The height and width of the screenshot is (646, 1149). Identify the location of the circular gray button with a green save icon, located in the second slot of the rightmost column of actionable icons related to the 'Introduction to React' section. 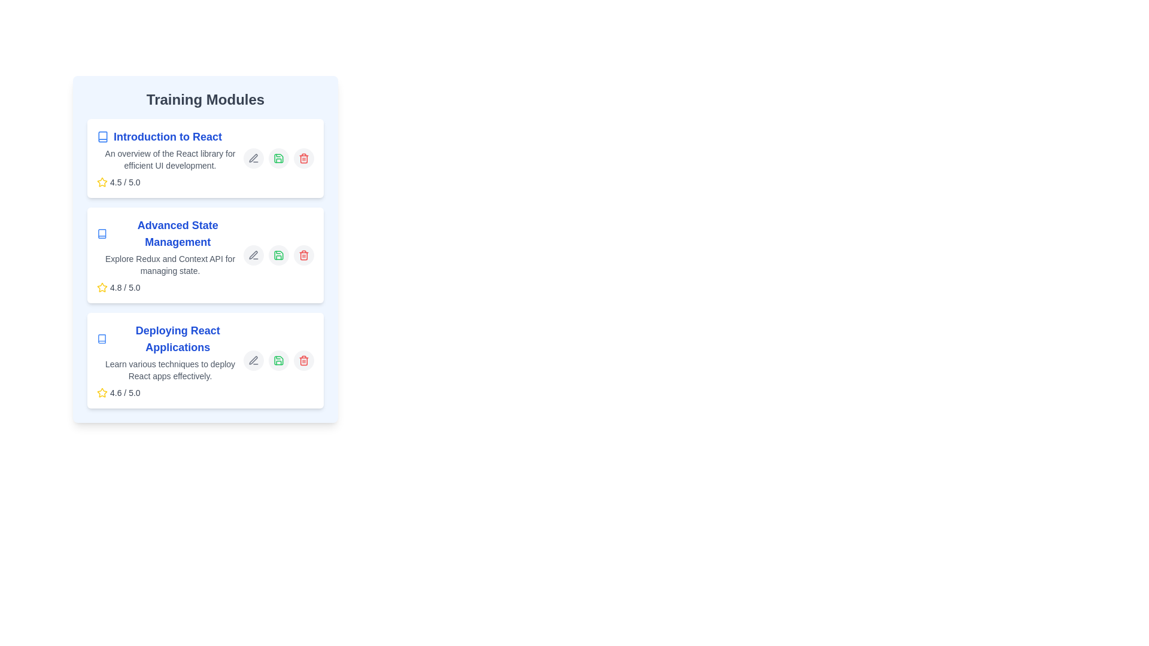
(278, 158).